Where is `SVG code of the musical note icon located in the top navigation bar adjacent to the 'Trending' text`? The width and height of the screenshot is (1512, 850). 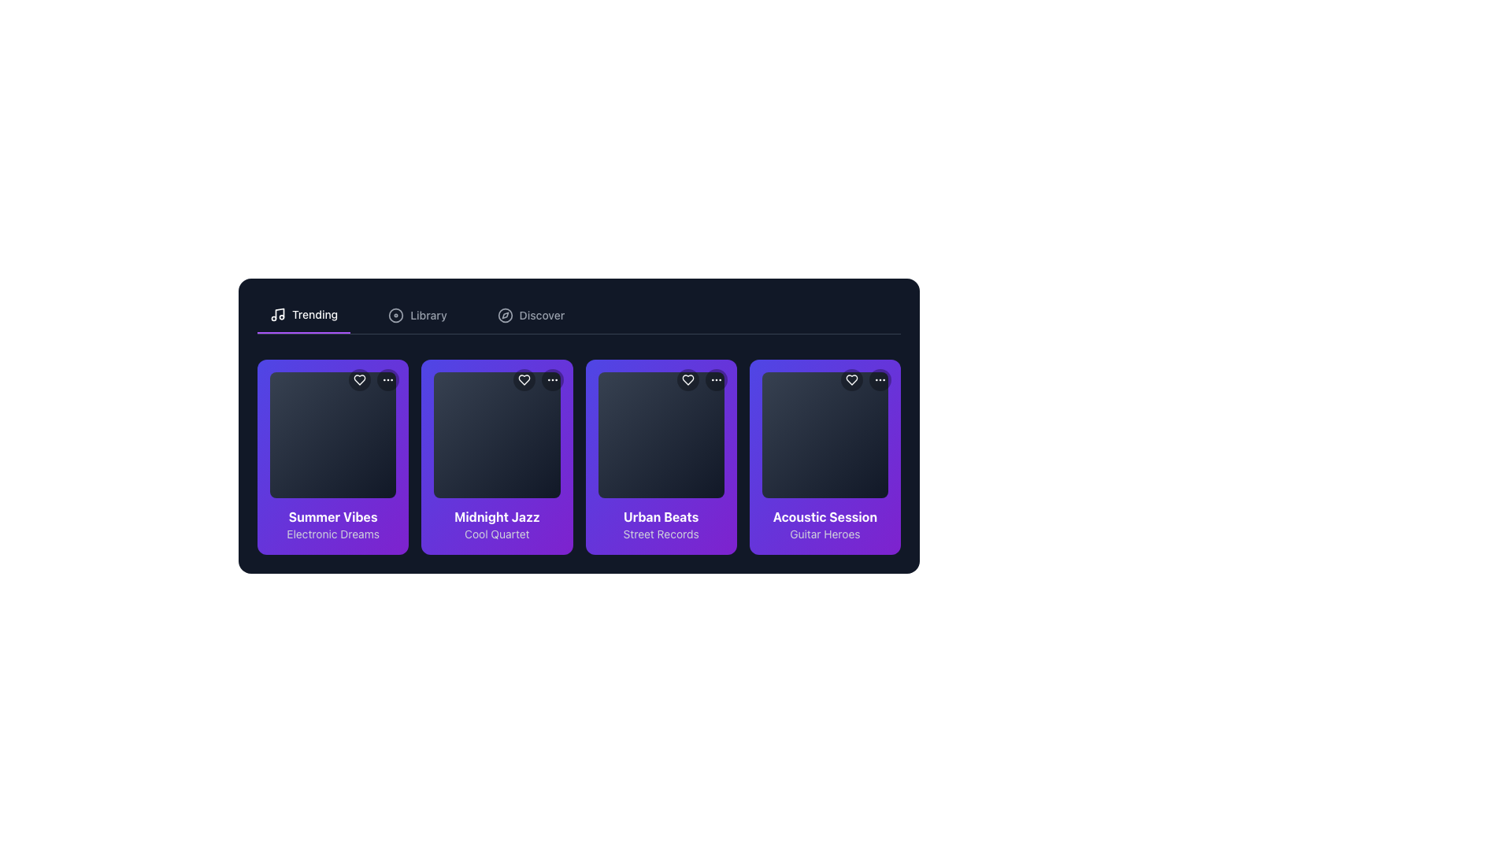 SVG code of the musical note icon located in the top navigation bar adjacent to the 'Trending' text is located at coordinates (280, 313).